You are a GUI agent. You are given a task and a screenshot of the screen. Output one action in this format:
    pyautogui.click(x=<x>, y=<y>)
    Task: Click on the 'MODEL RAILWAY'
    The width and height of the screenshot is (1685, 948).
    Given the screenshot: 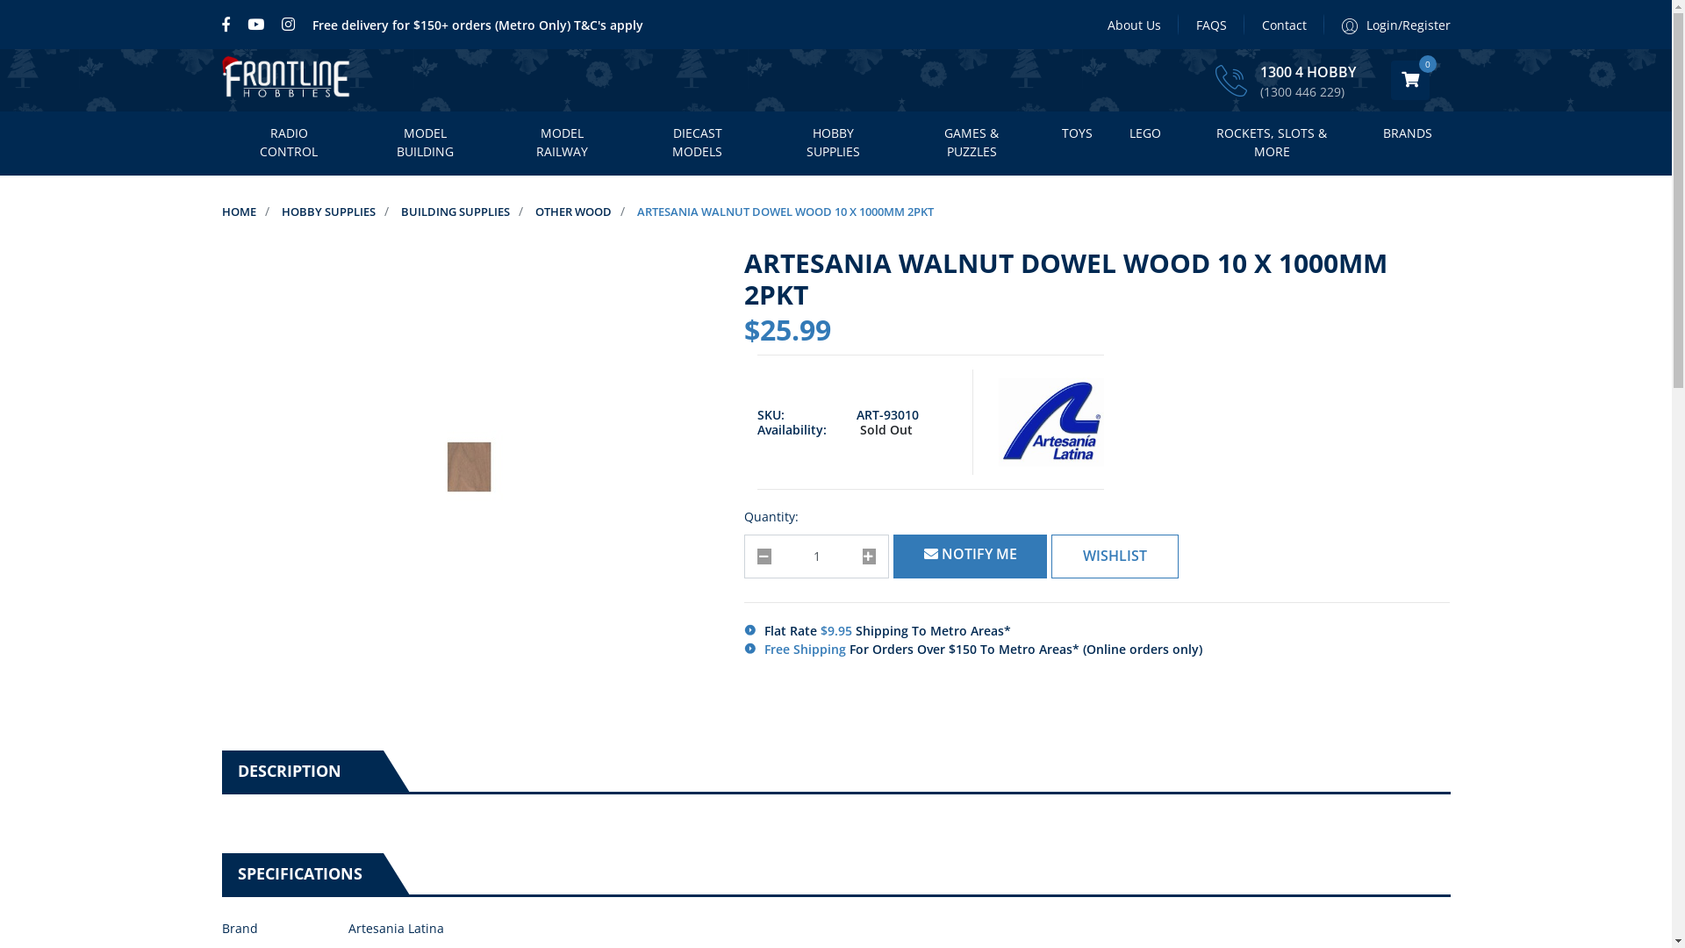 What is the action you would take?
    pyautogui.click(x=560, y=142)
    